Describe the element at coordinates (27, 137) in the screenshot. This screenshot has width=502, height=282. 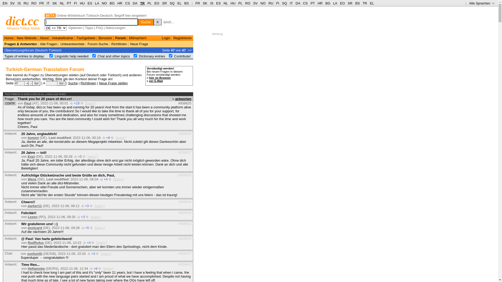
I see `'bommi'` at that location.